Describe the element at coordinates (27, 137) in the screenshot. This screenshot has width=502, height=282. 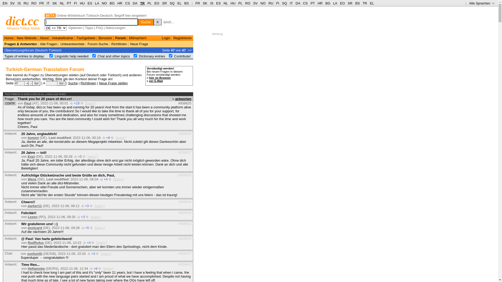
I see `'bommi'` at that location.